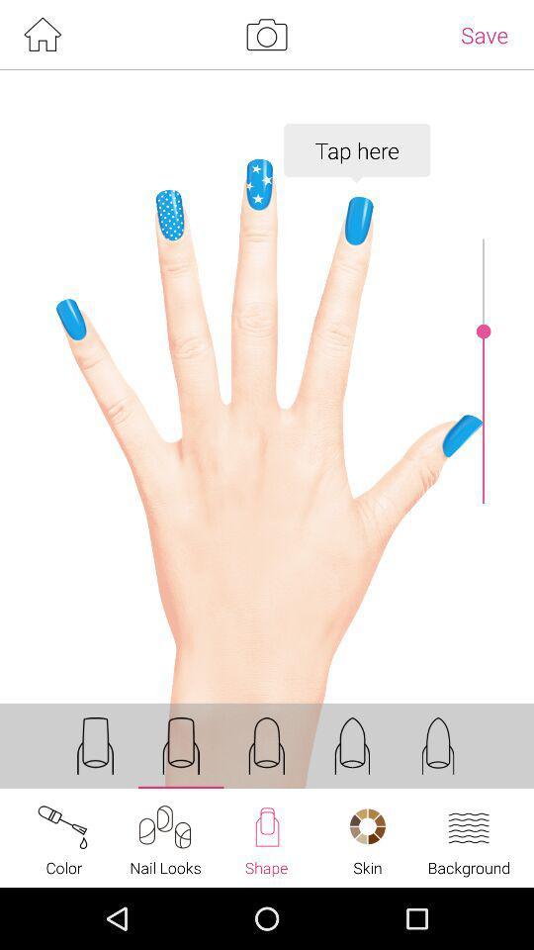  Describe the element at coordinates (42, 36) in the screenshot. I see `the home icon` at that location.